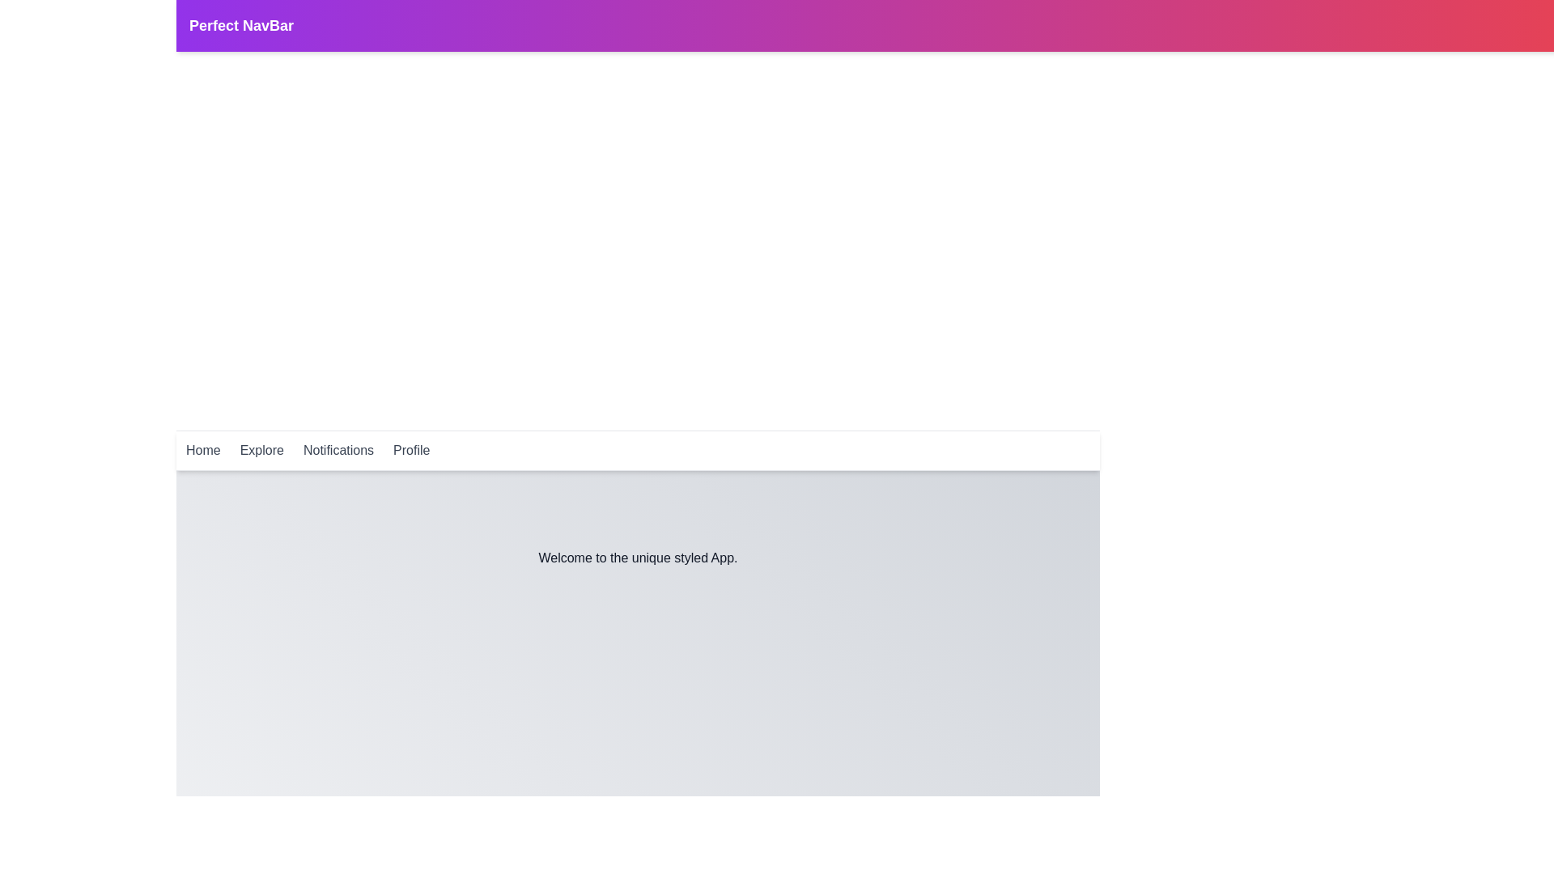  I want to click on the Explore navigation link, so click(262, 450).